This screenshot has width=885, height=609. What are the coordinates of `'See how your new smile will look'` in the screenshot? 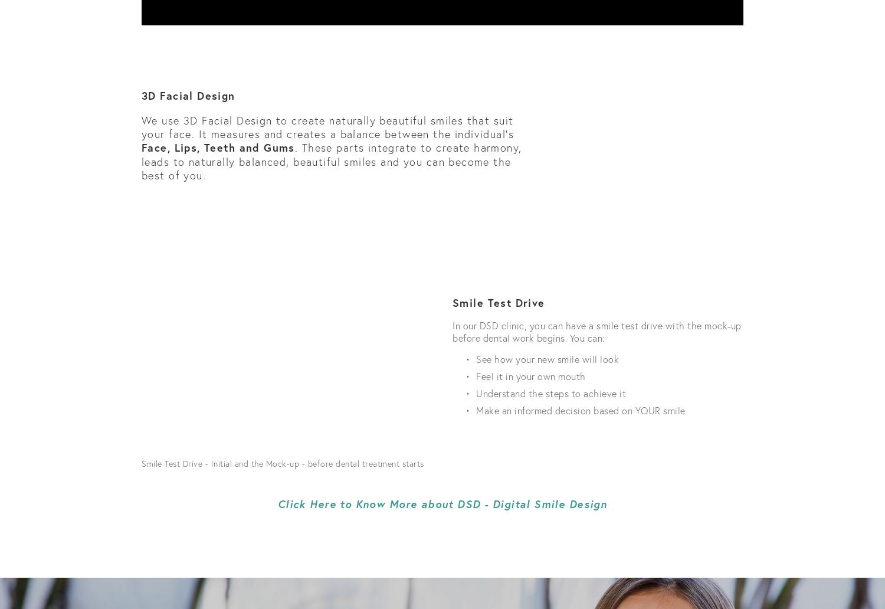 It's located at (476, 359).